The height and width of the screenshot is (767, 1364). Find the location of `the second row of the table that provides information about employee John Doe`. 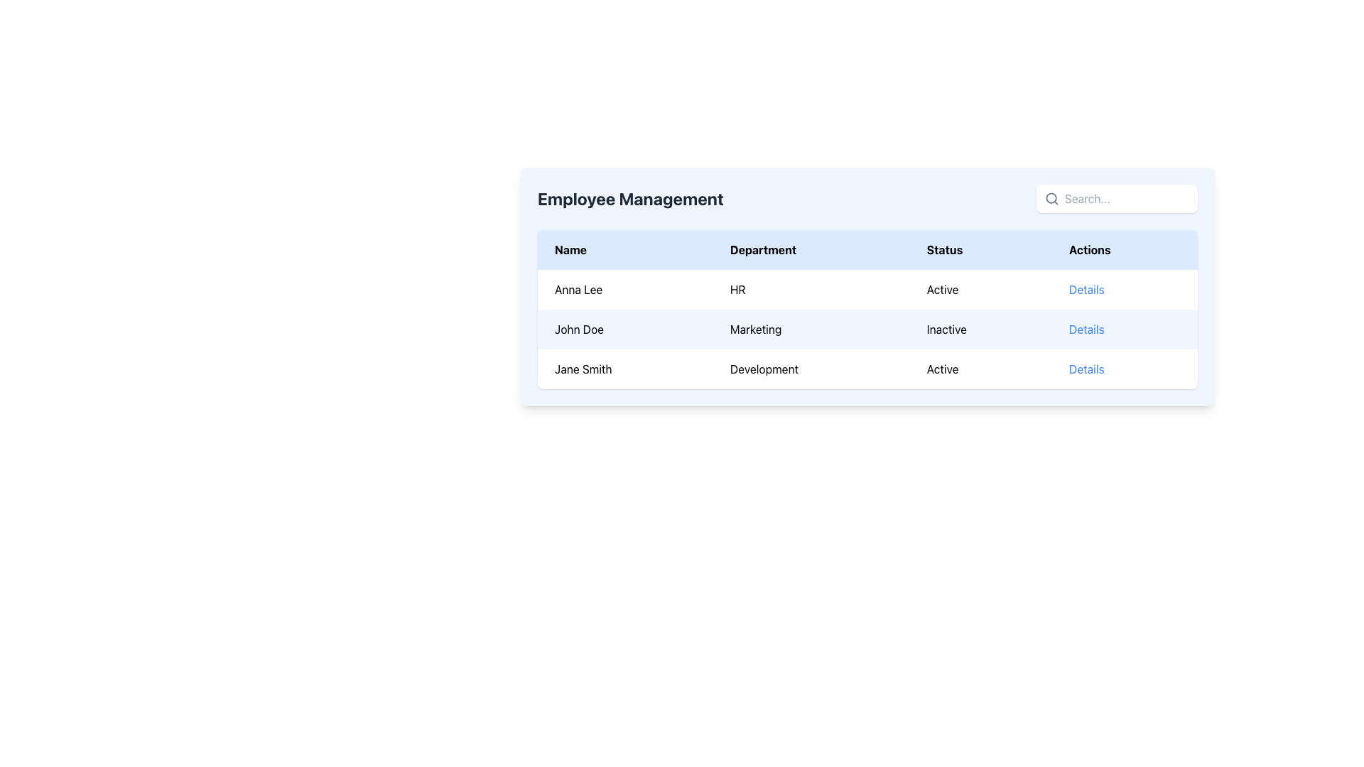

the second row of the table that provides information about employee John Doe is located at coordinates (867, 329).